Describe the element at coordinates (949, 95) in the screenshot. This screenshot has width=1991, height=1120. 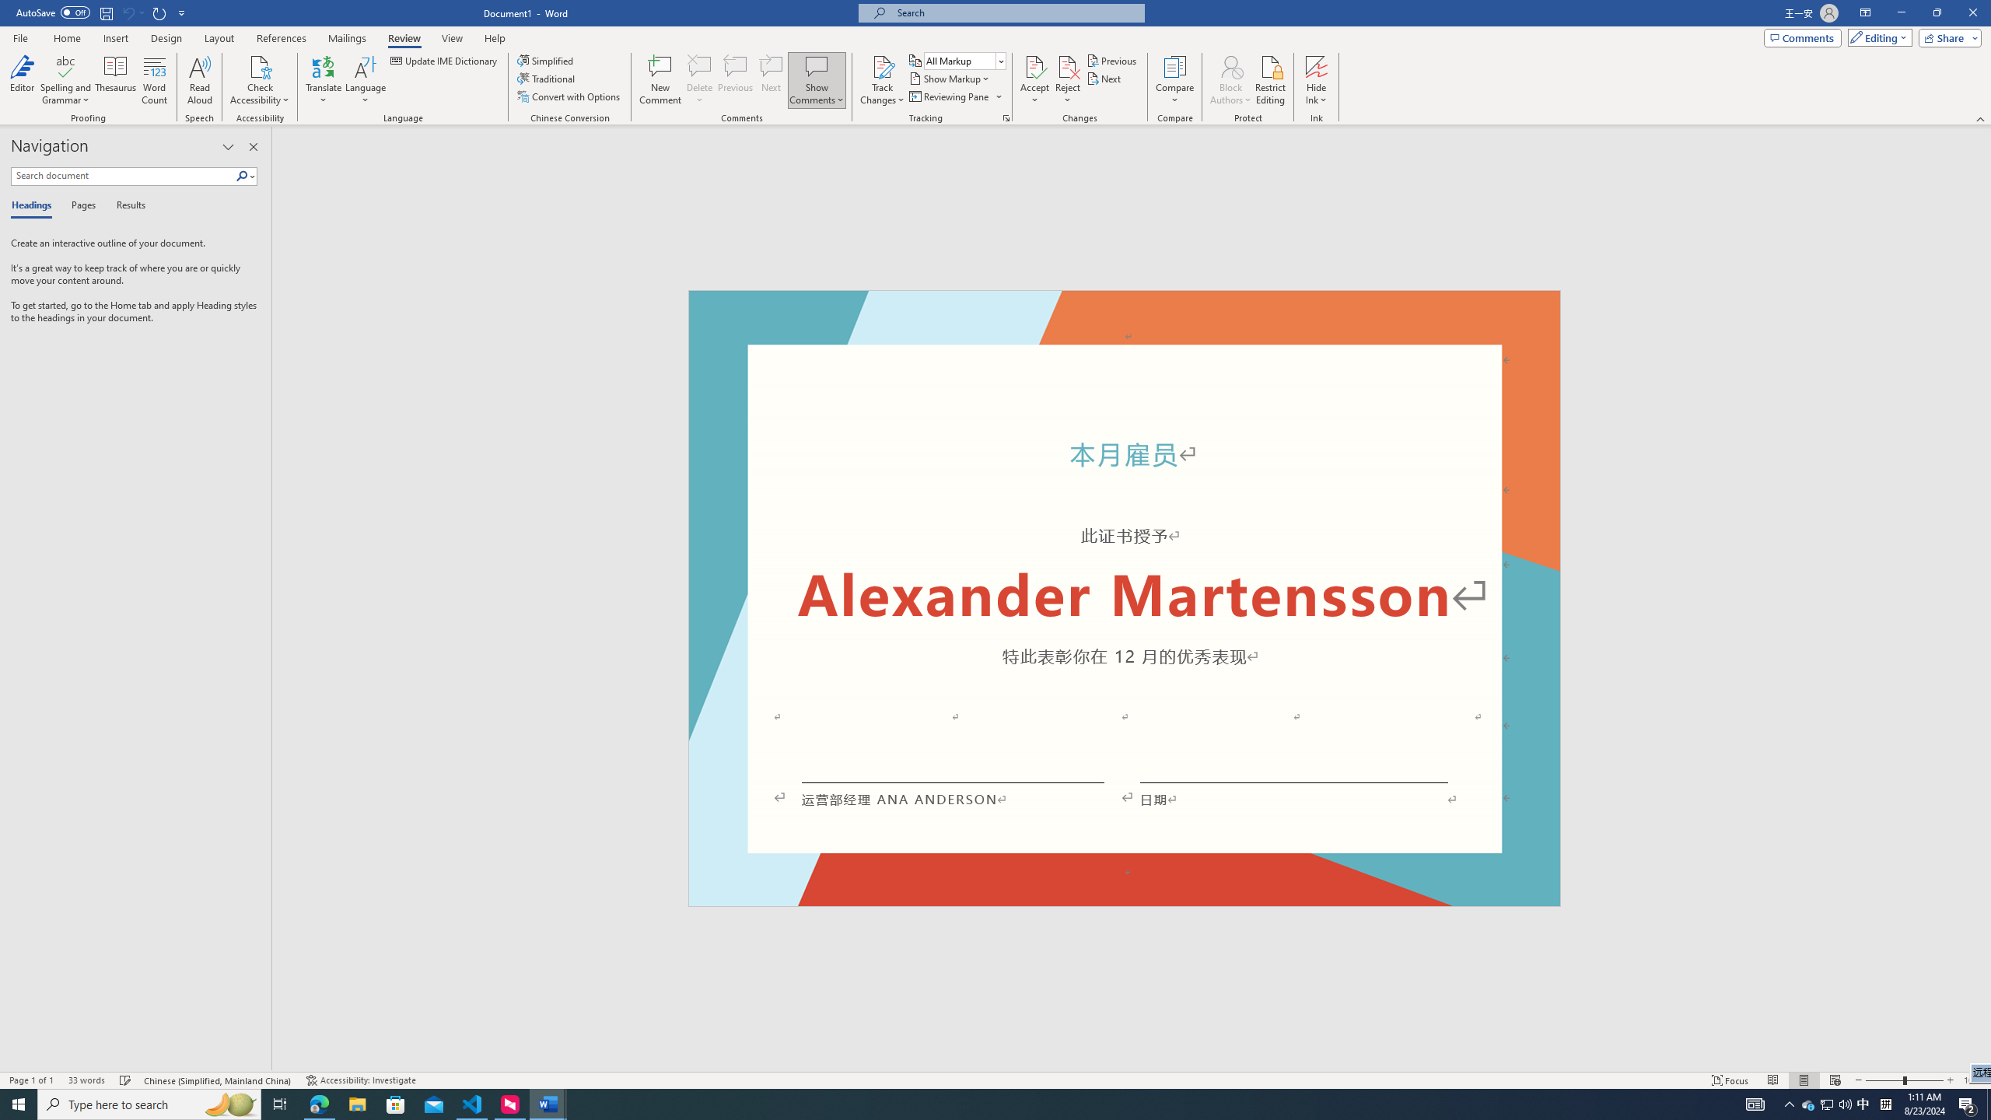
I see `'Reviewing Pane'` at that location.